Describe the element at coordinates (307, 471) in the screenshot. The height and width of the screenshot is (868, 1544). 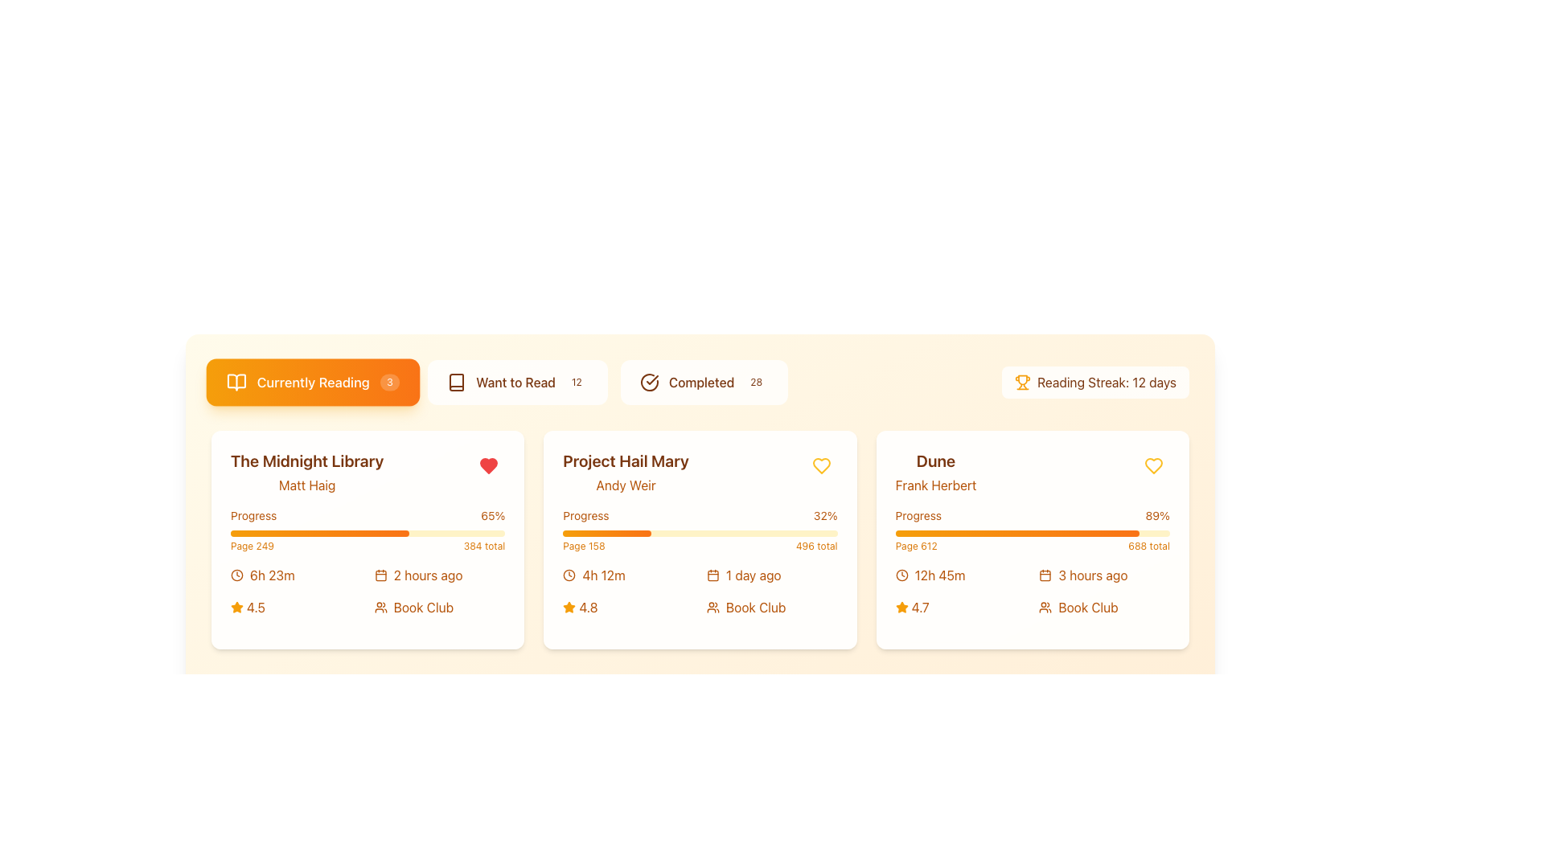
I see `text displayed in the title and subtitle combination, which includes 'The Midnight Library' in large bold dark amber text and 'Matt Haig' in smaller lighter amber text, located in the first card under the 'Currently Reading' section` at that location.